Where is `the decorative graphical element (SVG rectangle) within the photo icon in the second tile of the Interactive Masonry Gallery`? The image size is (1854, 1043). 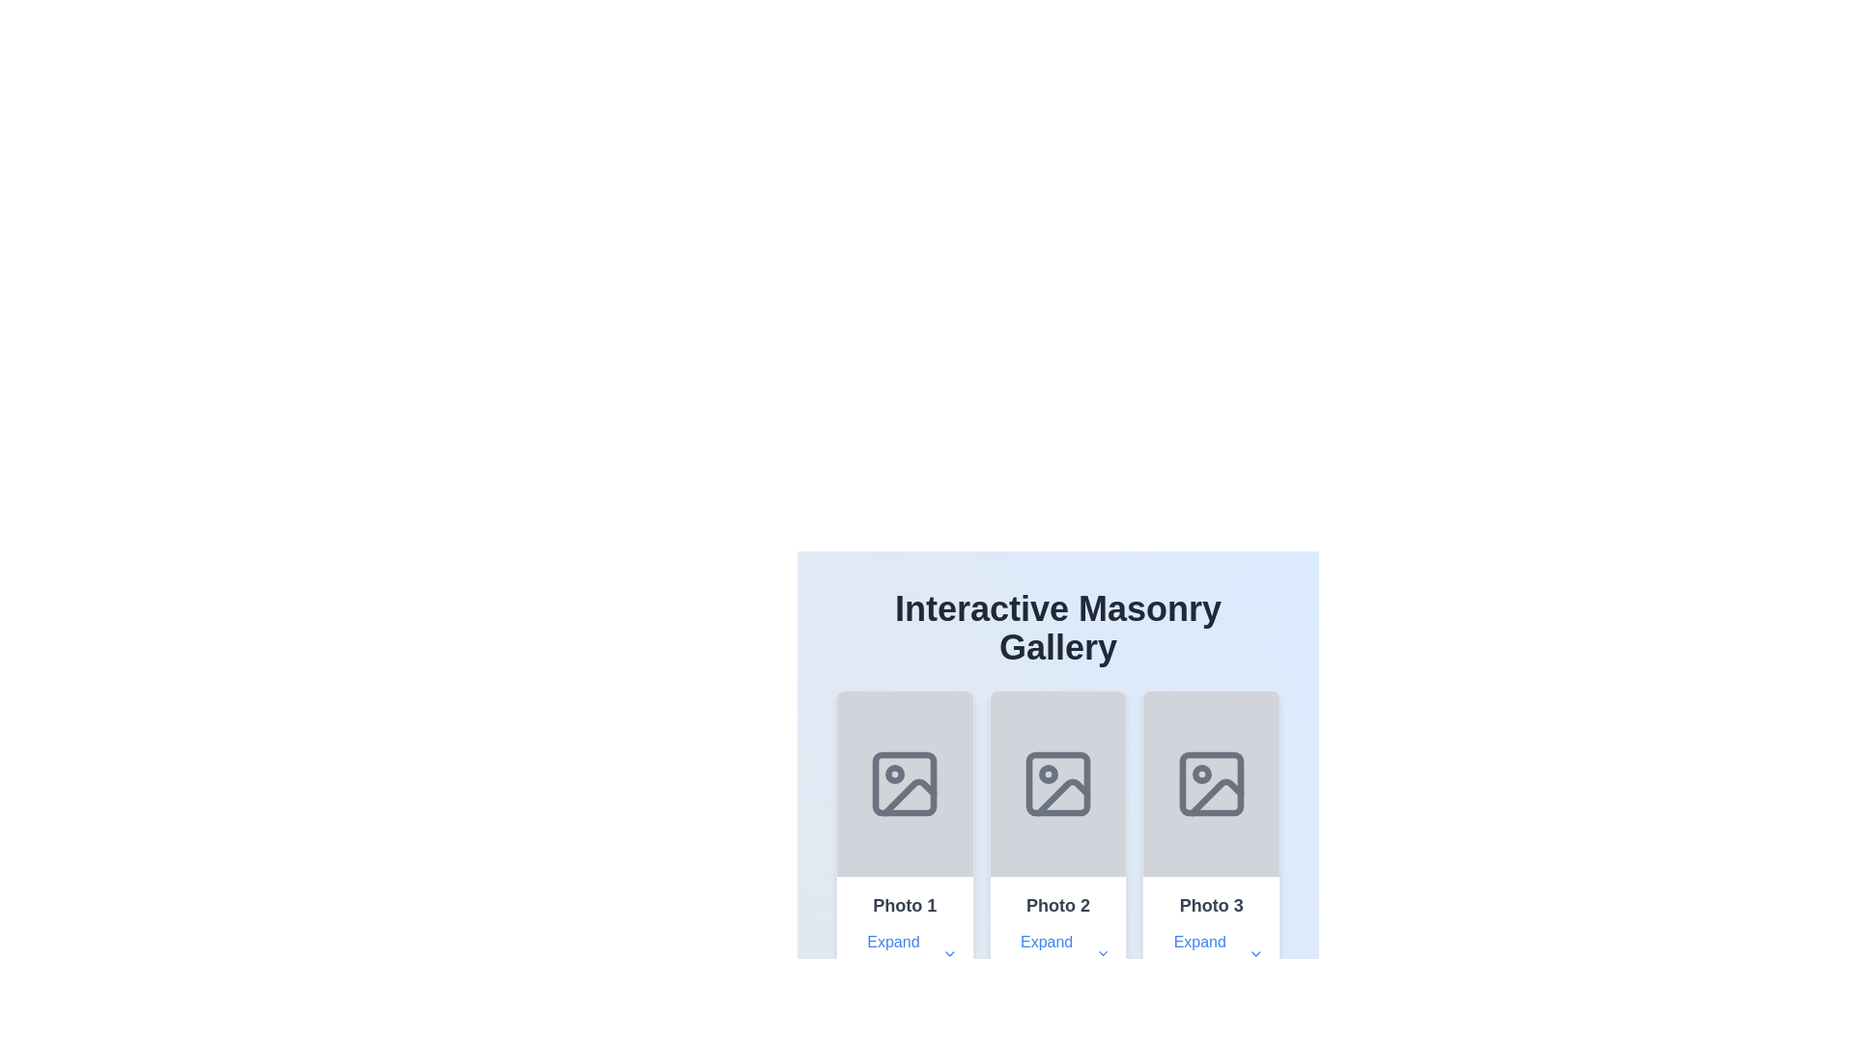
the decorative graphical element (SVG rectangle) within the photo icon in the second tile of the Interactive Masonry Gallery is located at coordinates (1056, 784).